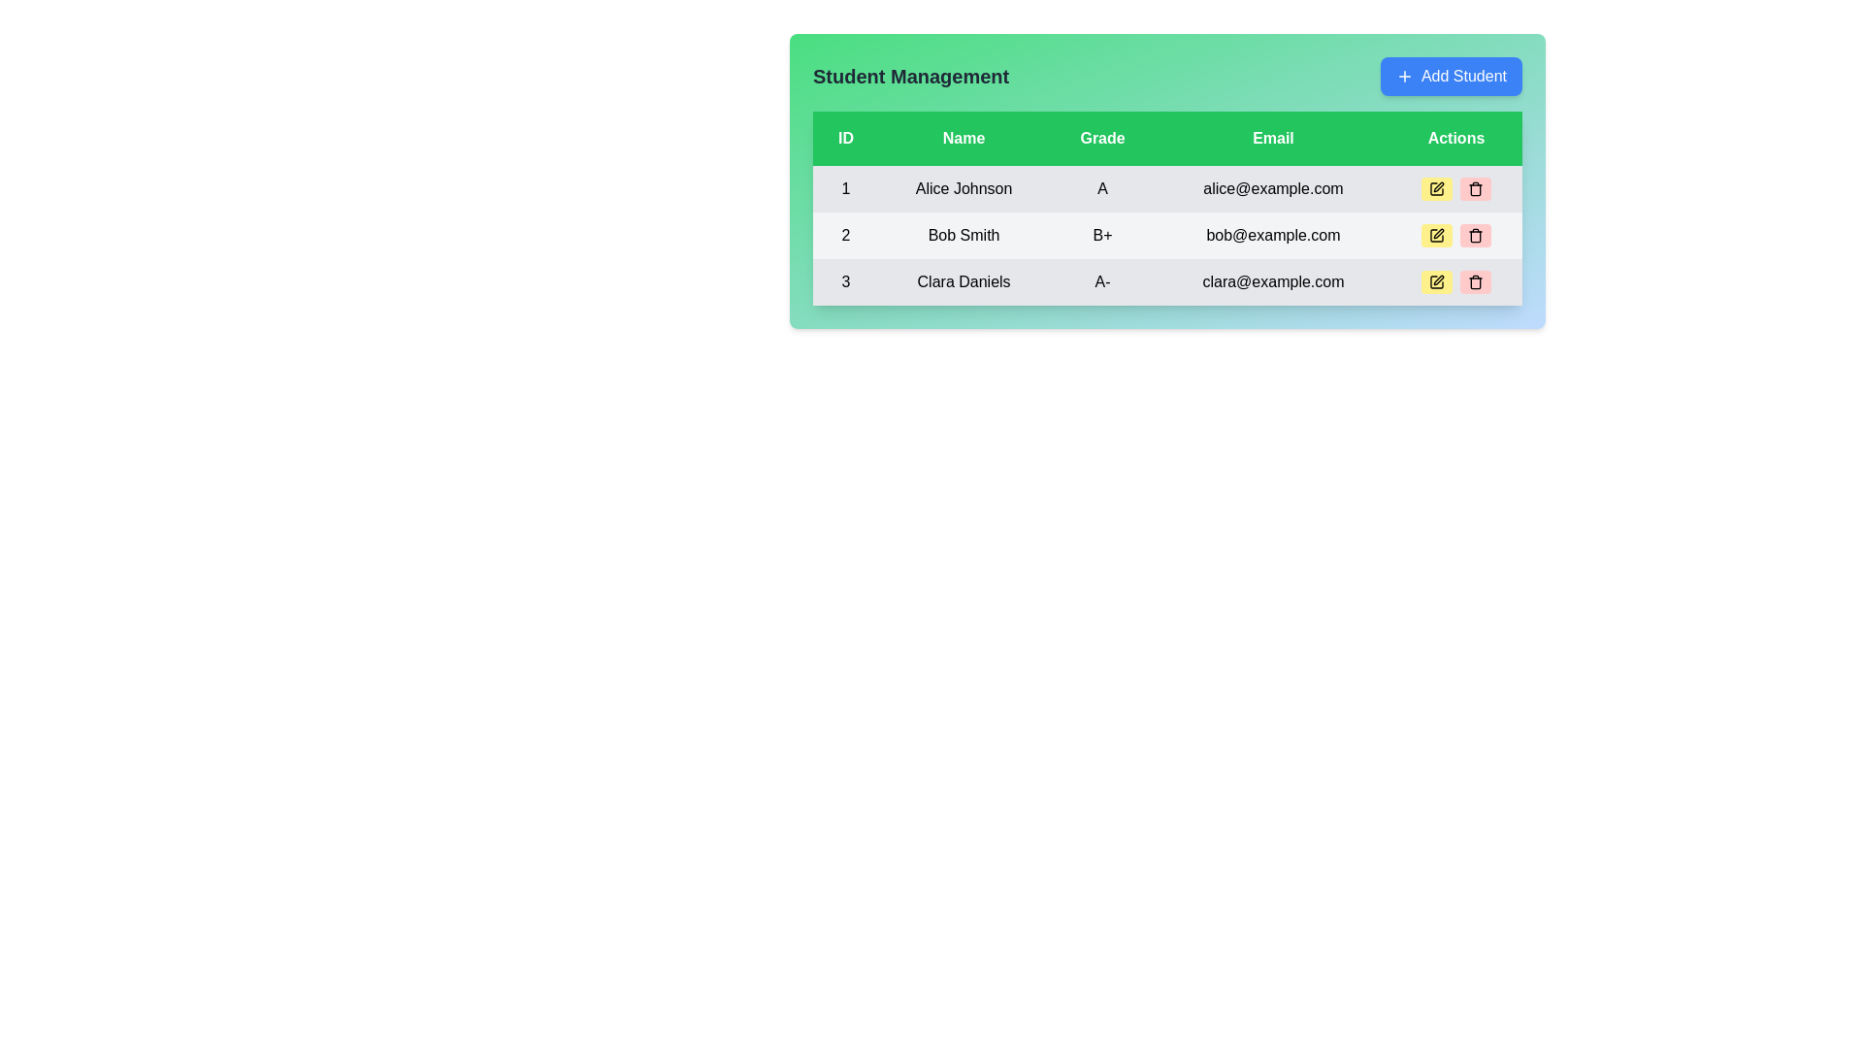 This screenshot has height=1048, width=1863. Describe the element at coordinates (846, 137) in the screenshot. I see `the Table Header Label for the 'ID' column, which is the first header in the table under 'Student Management'` at that location.